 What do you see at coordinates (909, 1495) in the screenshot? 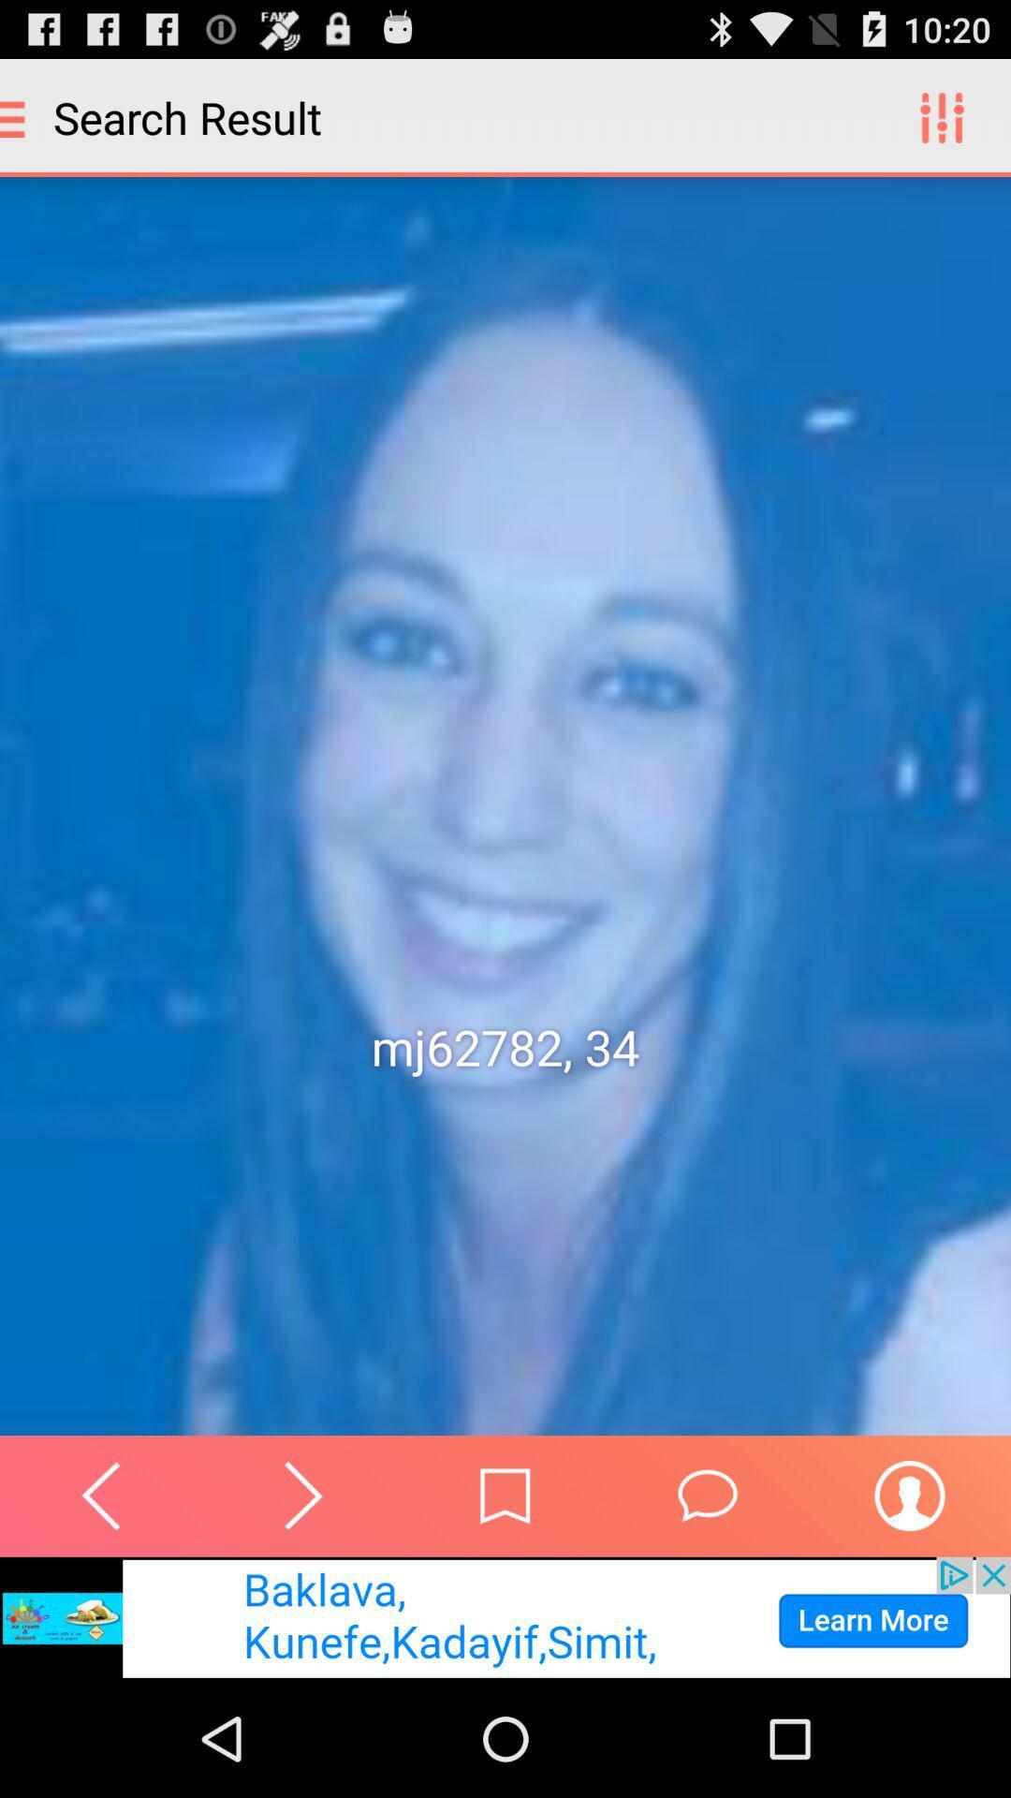
I see `open profile` at bounding box center [909, 1495].